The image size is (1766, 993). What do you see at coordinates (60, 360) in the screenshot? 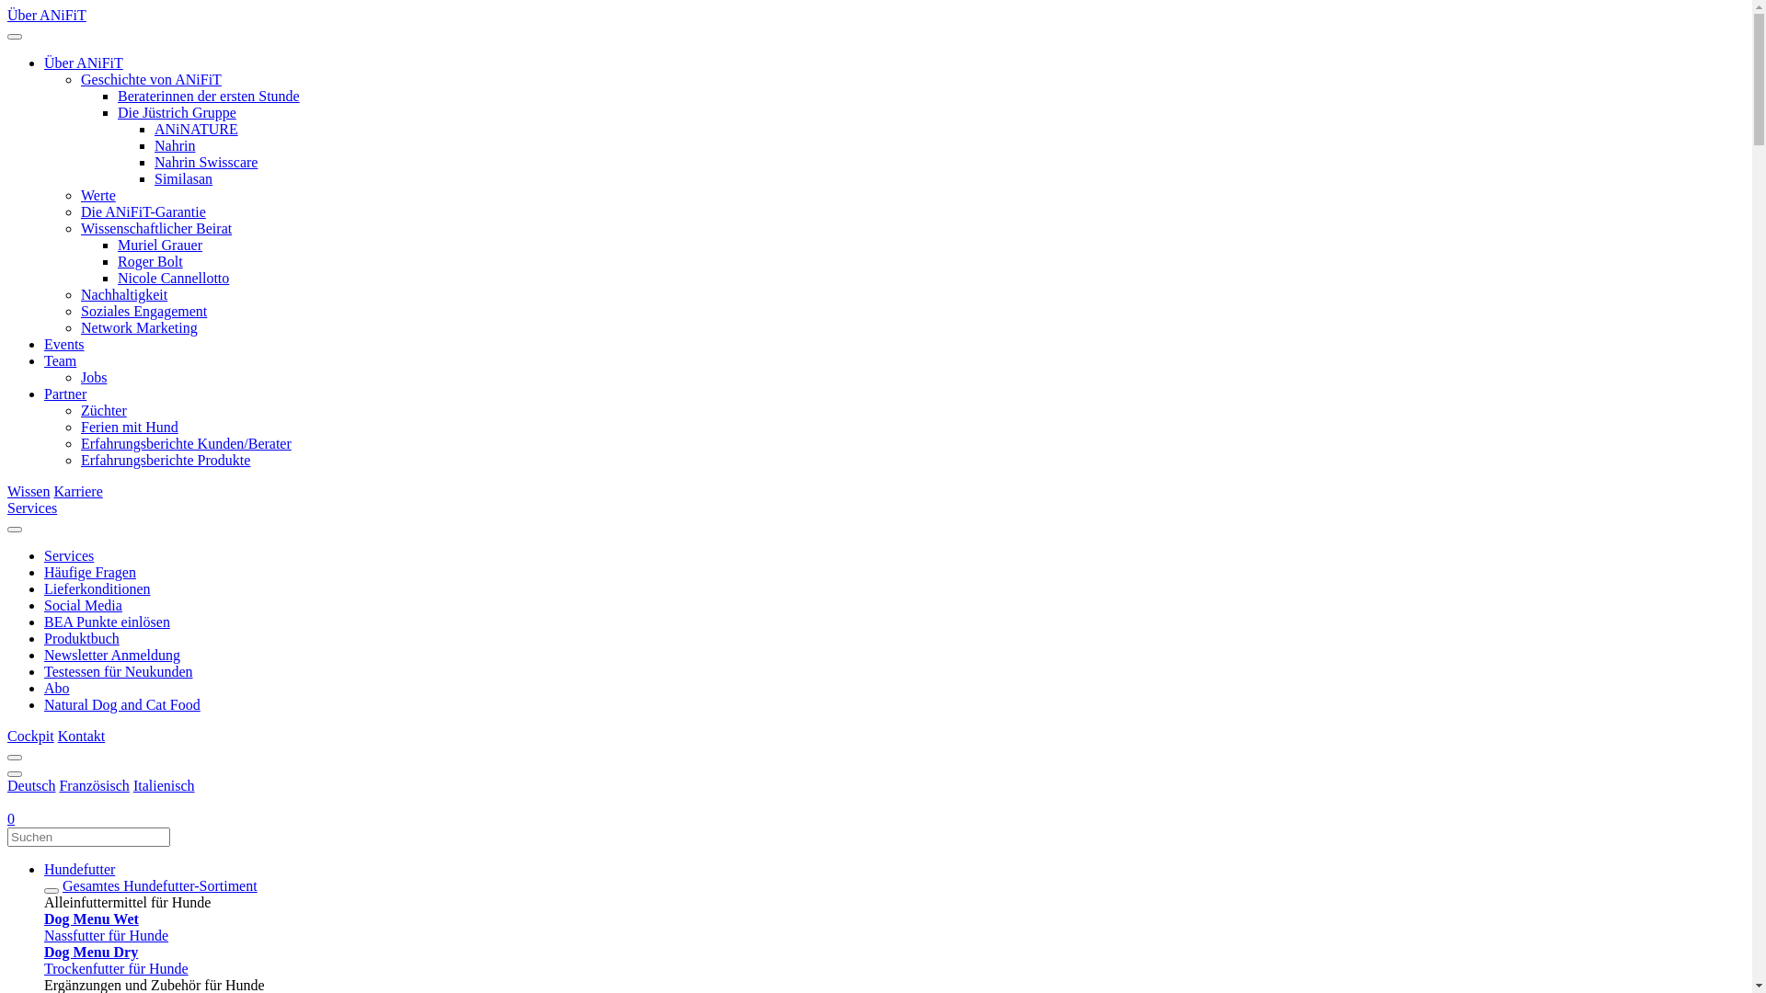
I see `'Team'` at bounding box center [60, 360].